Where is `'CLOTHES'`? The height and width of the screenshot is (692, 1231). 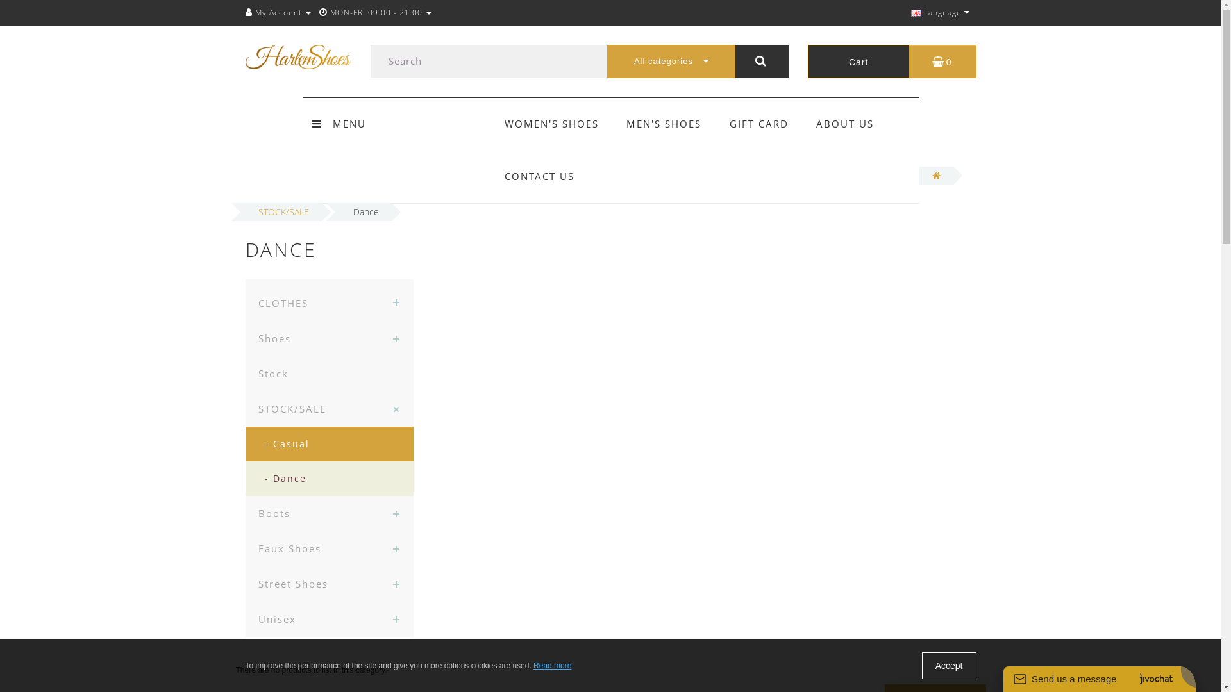 'CLOTHES' is located at coordinates (329, 300).